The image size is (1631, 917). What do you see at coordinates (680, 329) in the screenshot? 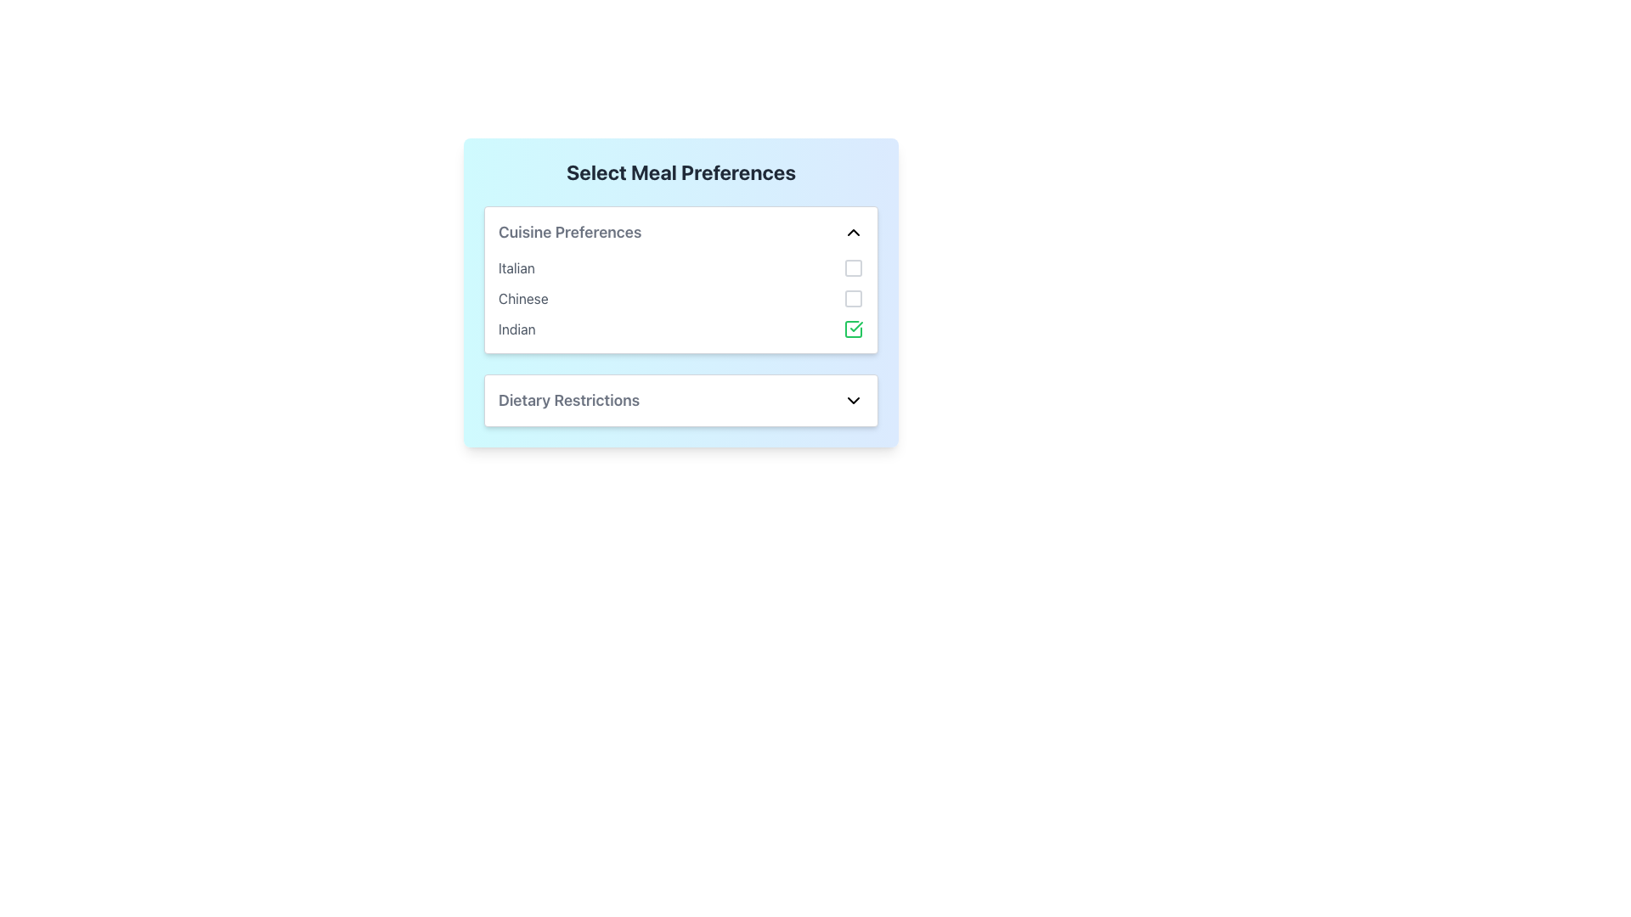
I see `the green checkbox next to the 'Indian' option in the 'Cuisine Preferences' section` at bounding box center [680, 329].